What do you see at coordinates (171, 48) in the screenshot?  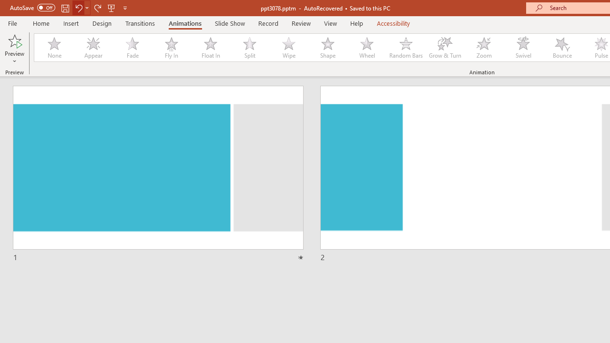 I see `'Fly In'` at bounding box center [171, 48].